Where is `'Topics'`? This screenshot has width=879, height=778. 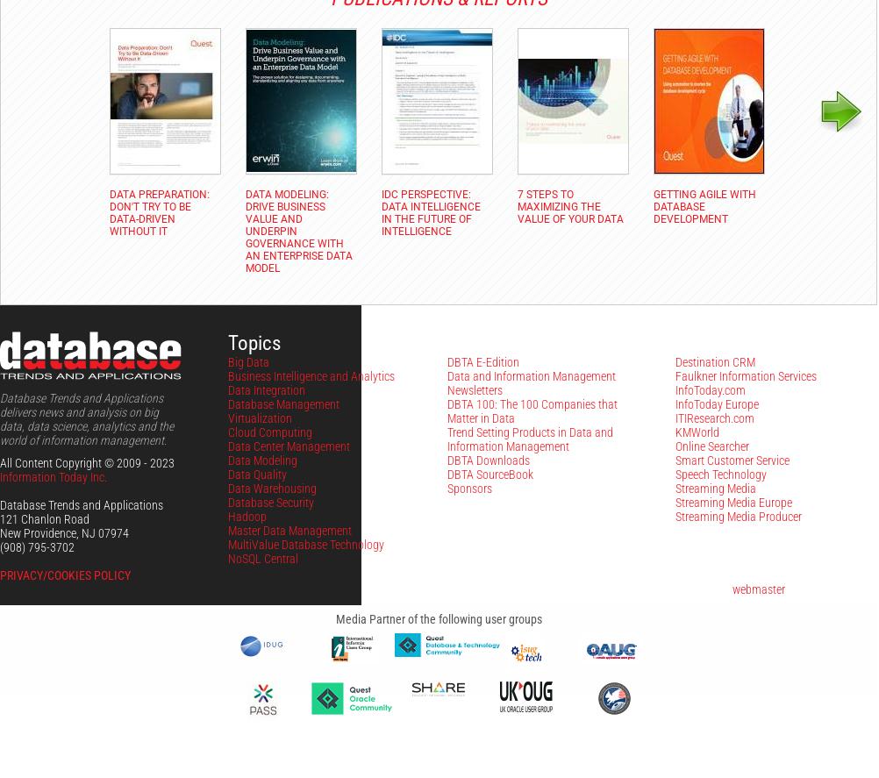
'Topics' is located at coordinates (253, 342).